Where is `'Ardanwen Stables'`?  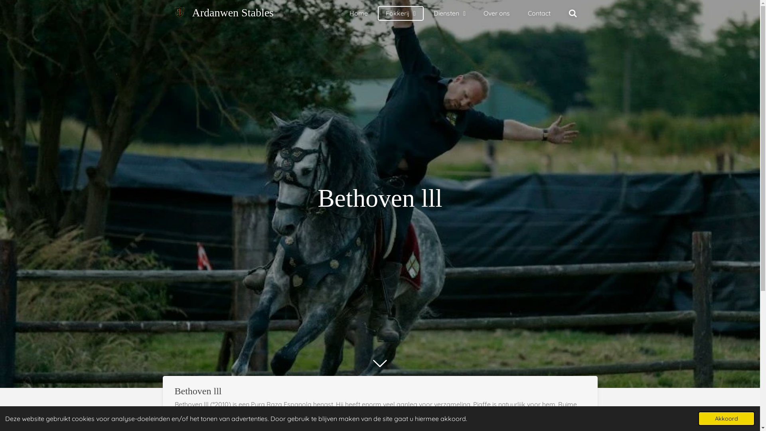
'Ardanwen Stables' is located at coordinates (179, 12).